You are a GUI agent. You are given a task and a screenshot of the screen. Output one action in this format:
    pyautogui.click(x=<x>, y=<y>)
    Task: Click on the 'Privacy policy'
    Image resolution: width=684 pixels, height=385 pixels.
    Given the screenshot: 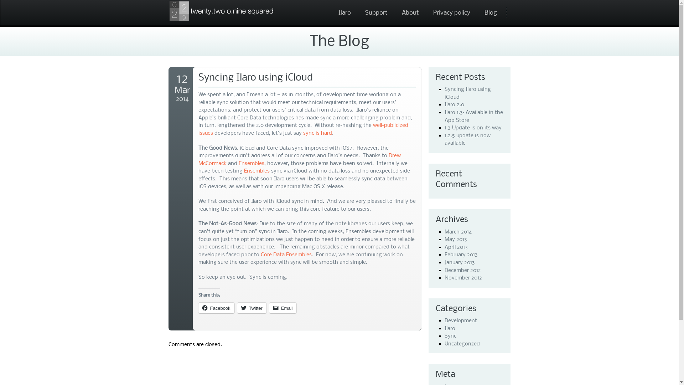 What is the action you would take?
    pyautogui.click(x=451, y=12)
    